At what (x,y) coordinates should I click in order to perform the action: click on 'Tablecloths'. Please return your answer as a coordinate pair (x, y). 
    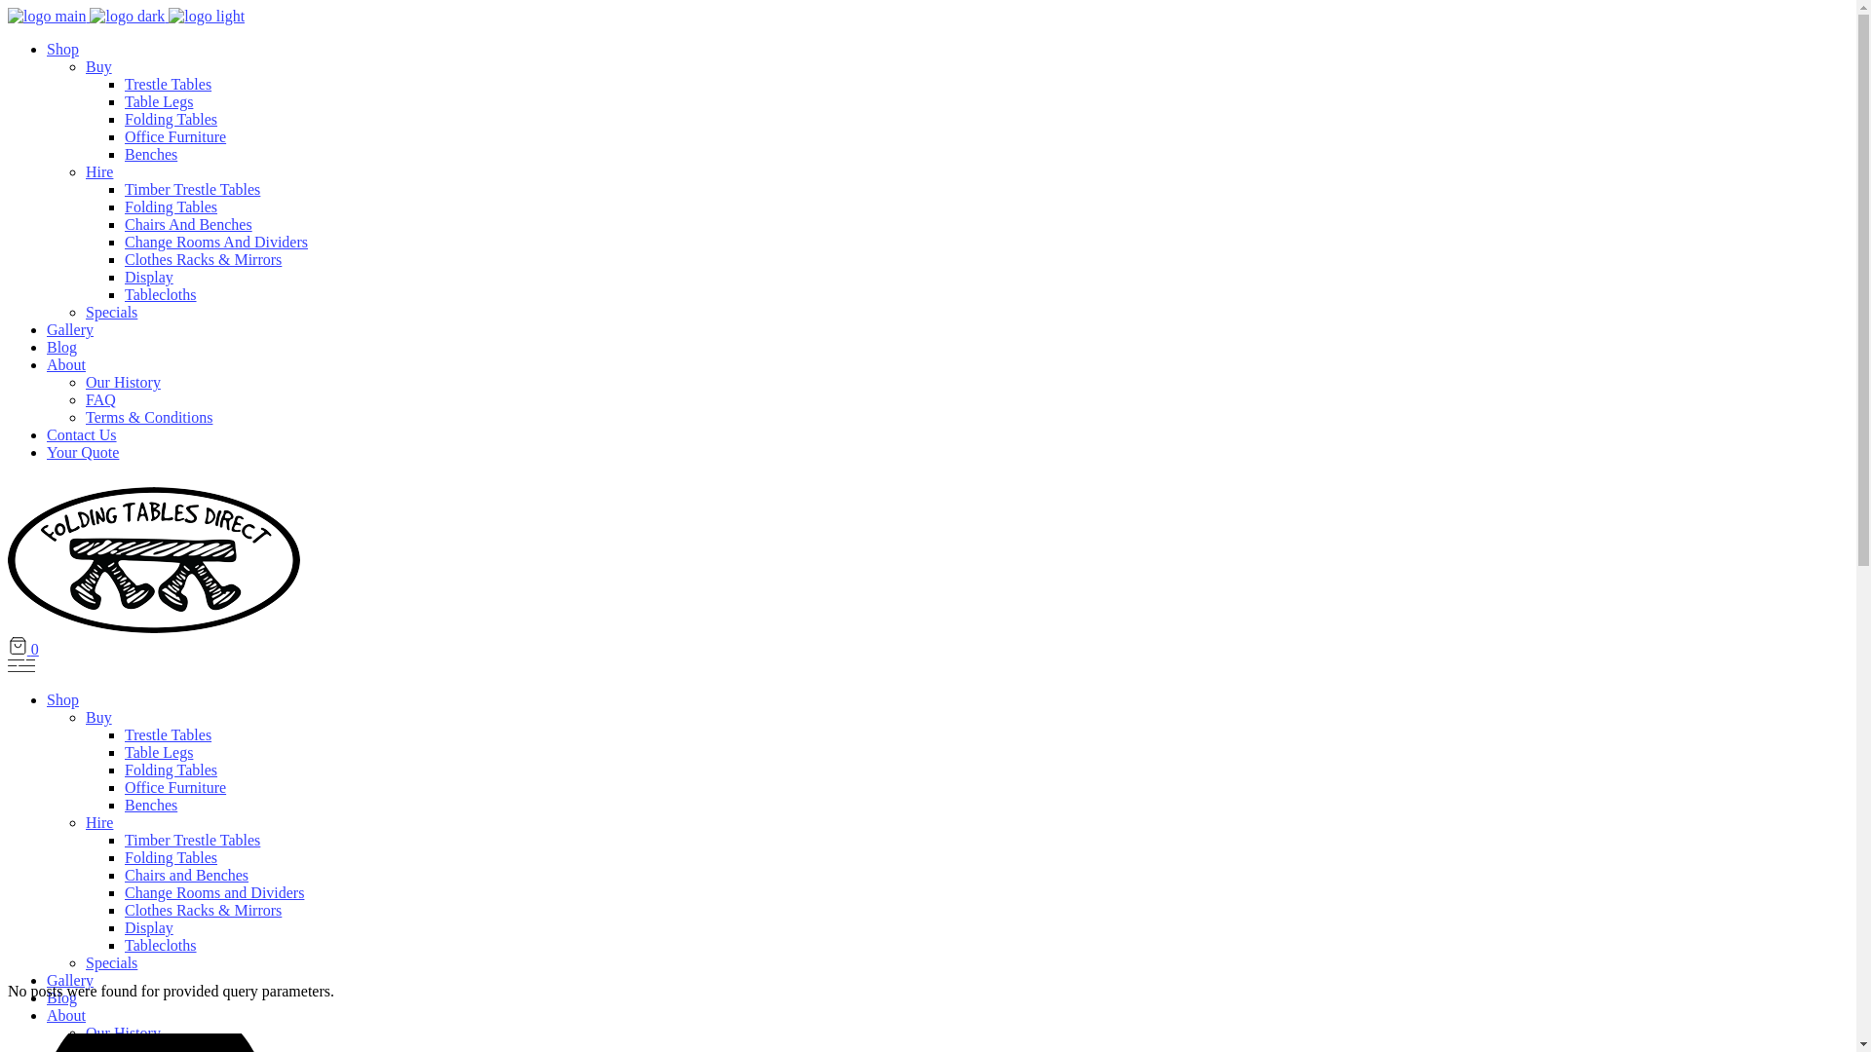
    Looking at the image, I should click on (160, 944).